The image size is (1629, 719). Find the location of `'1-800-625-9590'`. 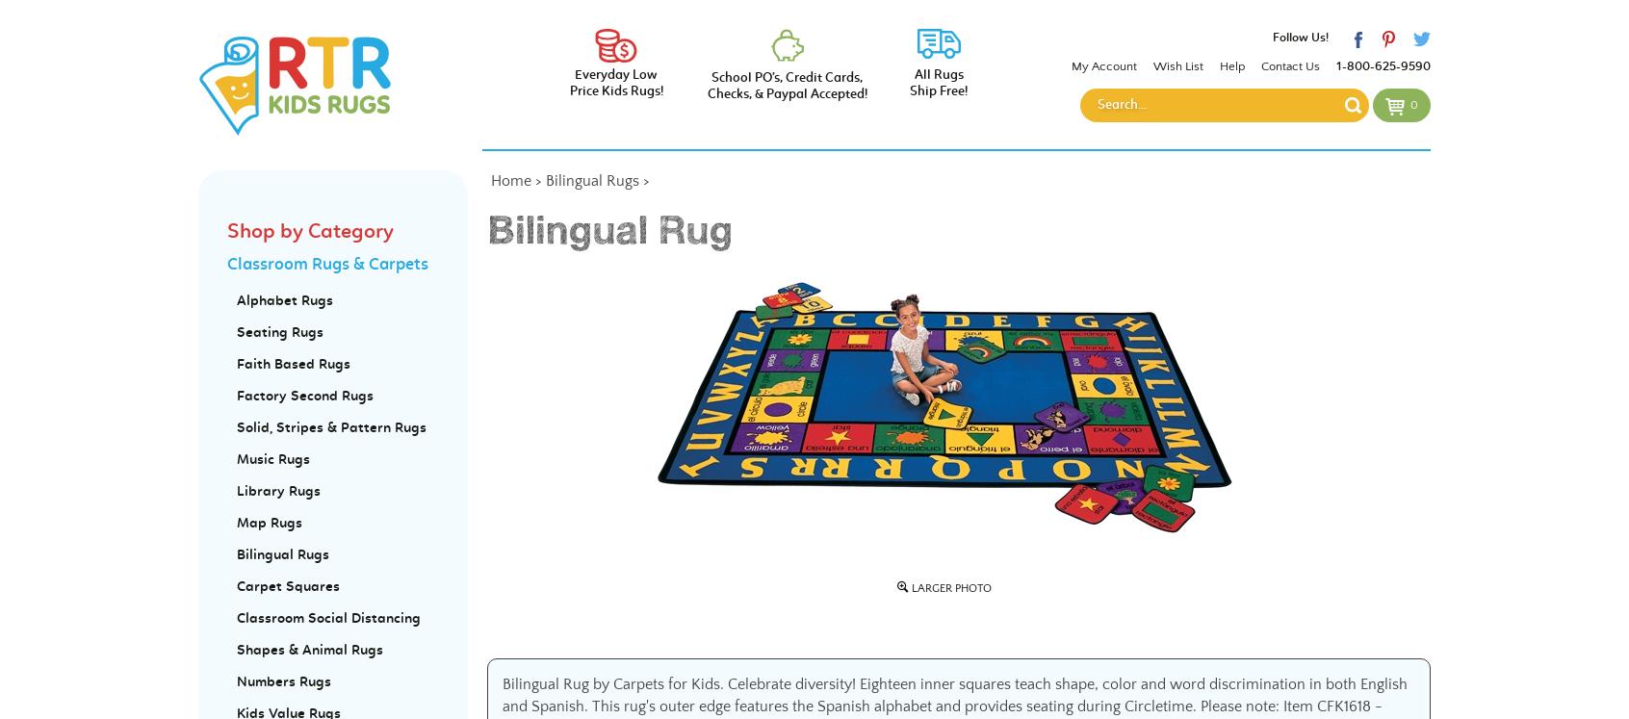

'1-800-625-9590' is located at coordinates (1382, 64).